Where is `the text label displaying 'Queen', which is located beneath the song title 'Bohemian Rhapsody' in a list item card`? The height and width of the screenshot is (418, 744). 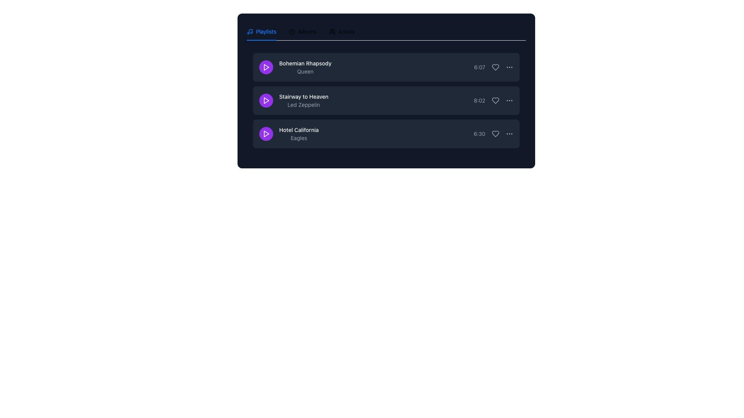
the text label displaying 'Queen', which is located beneath the song title 'Bohemian Rhapsody' in a list item card is located at coordinates (305, 72).